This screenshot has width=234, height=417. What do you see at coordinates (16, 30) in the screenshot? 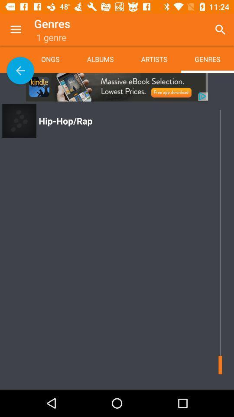
I see `the app next to genres app` at bounding box center [16, 30].